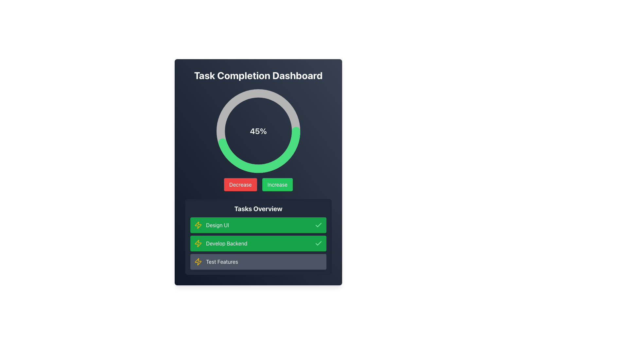  I want to click on the icon representing the task 'Test Features' located in the 'Tasks Overview' list, specifically beside the third item labeled 'Test Features', so click(198, 261).